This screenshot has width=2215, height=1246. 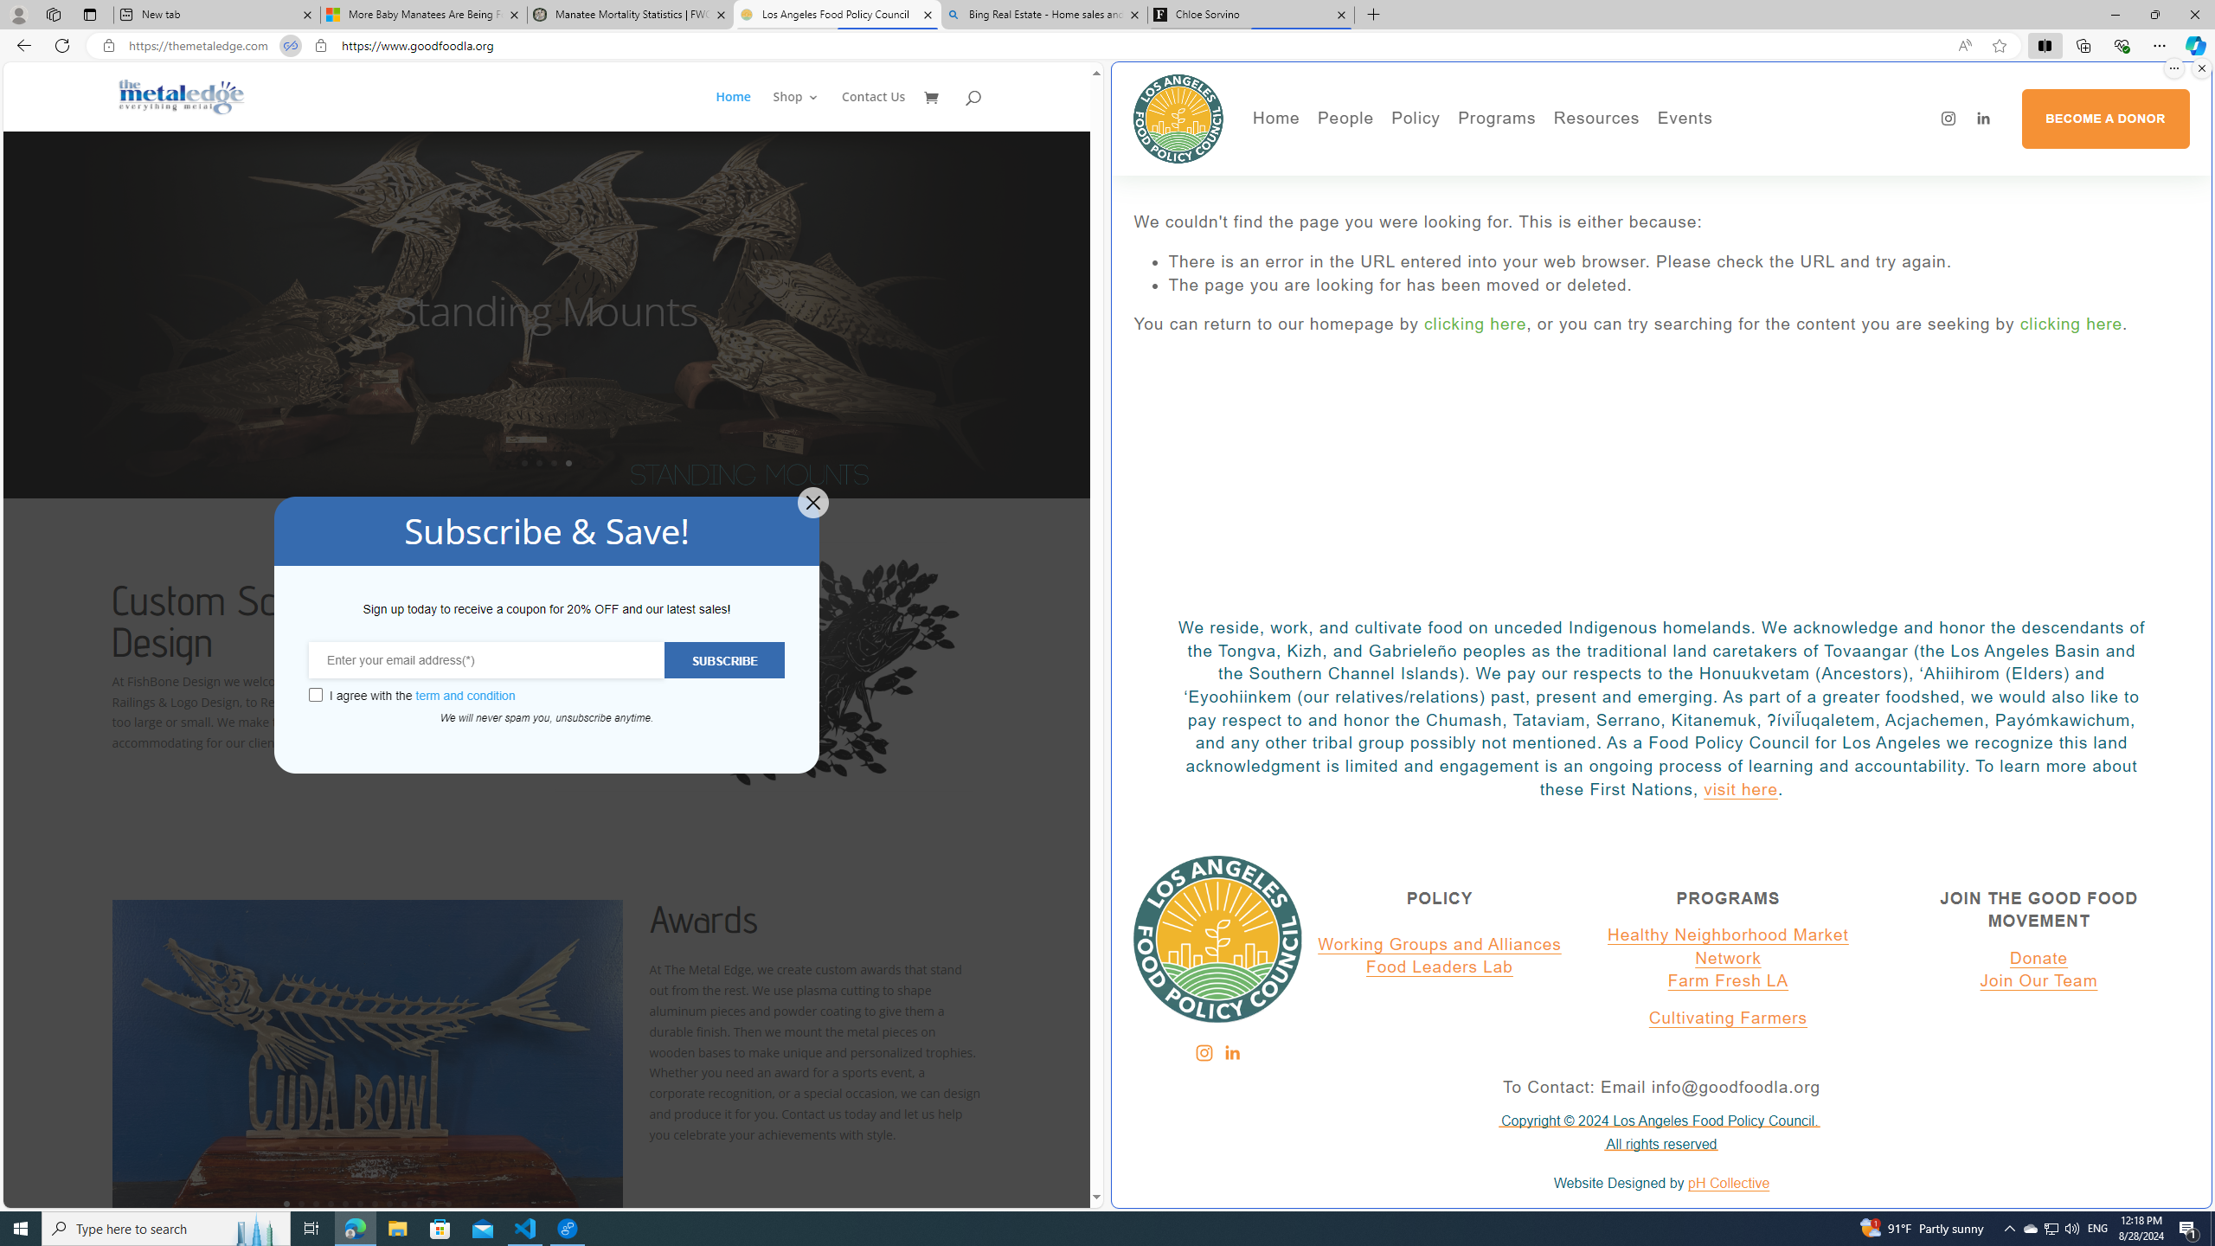 What do you see at coordinates (1274, 119) in the screenshot?
I see `'Home'` at bounding box center [1274, 119].